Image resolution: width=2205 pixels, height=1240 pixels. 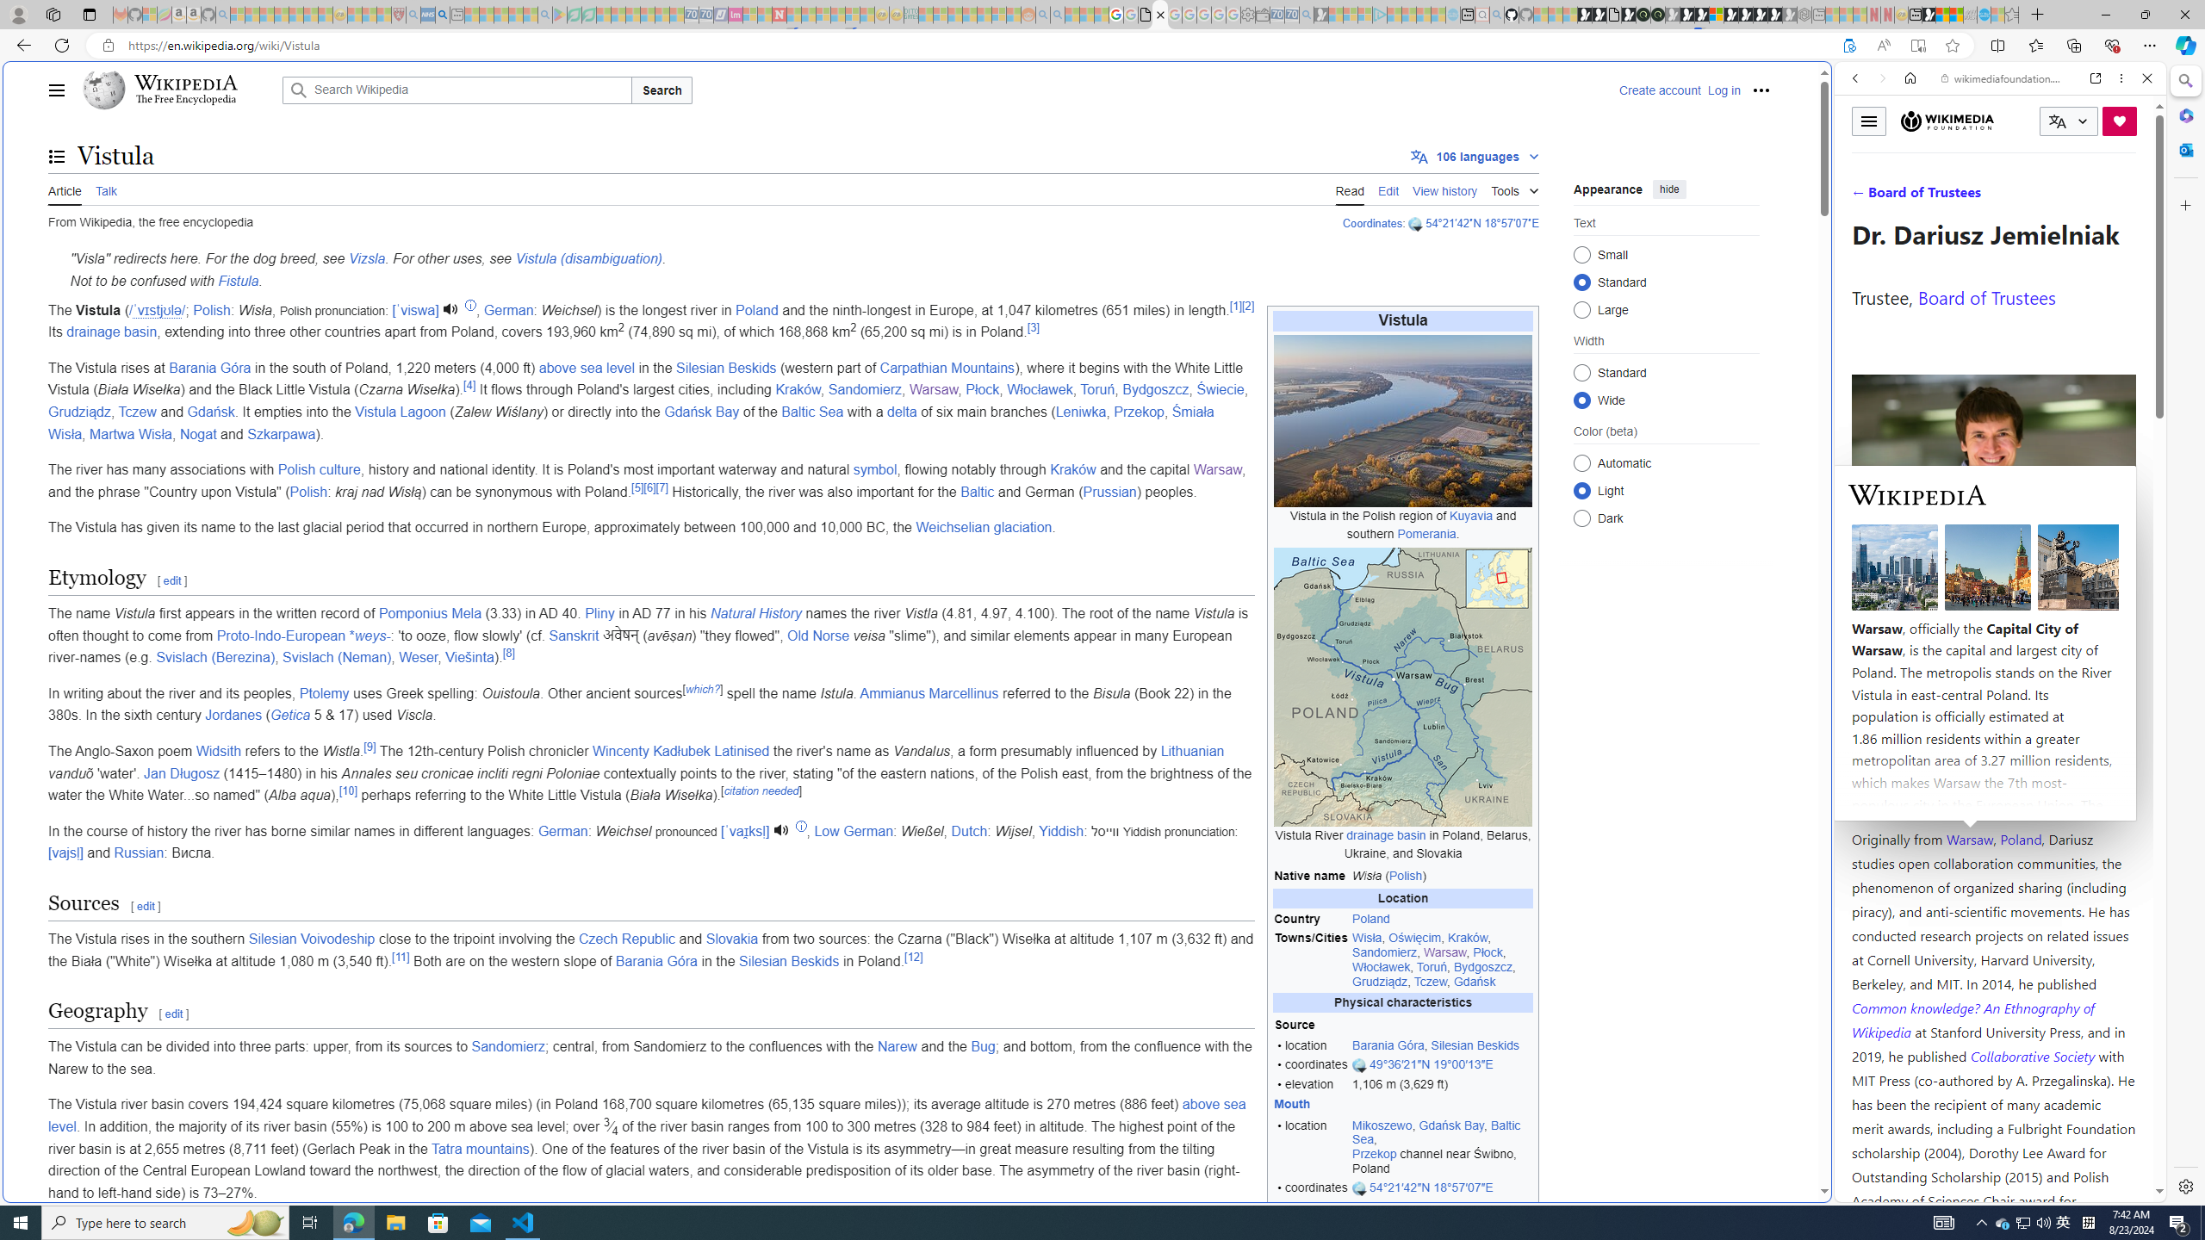 What do you see at coordinates (1388, 188) in the screenshot?
I see `'Edit'` at bounding box center [1388, 188].